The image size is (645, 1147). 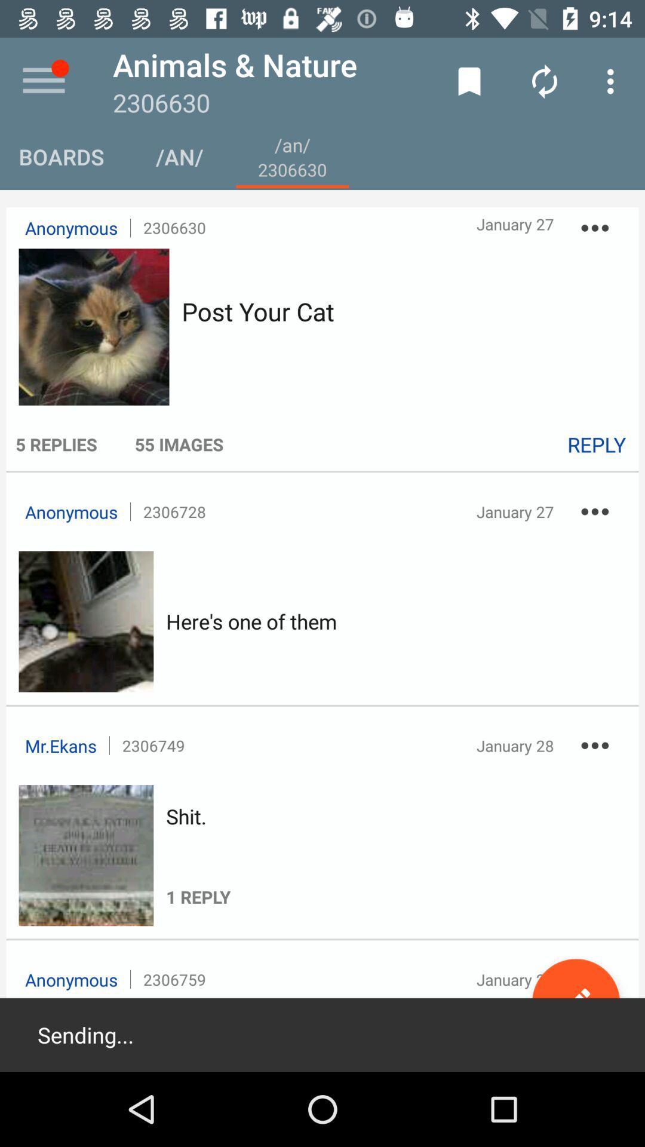 What do you see at coordinates (469, 81) in the screenshot?
I see `the item to the right of the animals & nature` at bounding box center [469, 81].